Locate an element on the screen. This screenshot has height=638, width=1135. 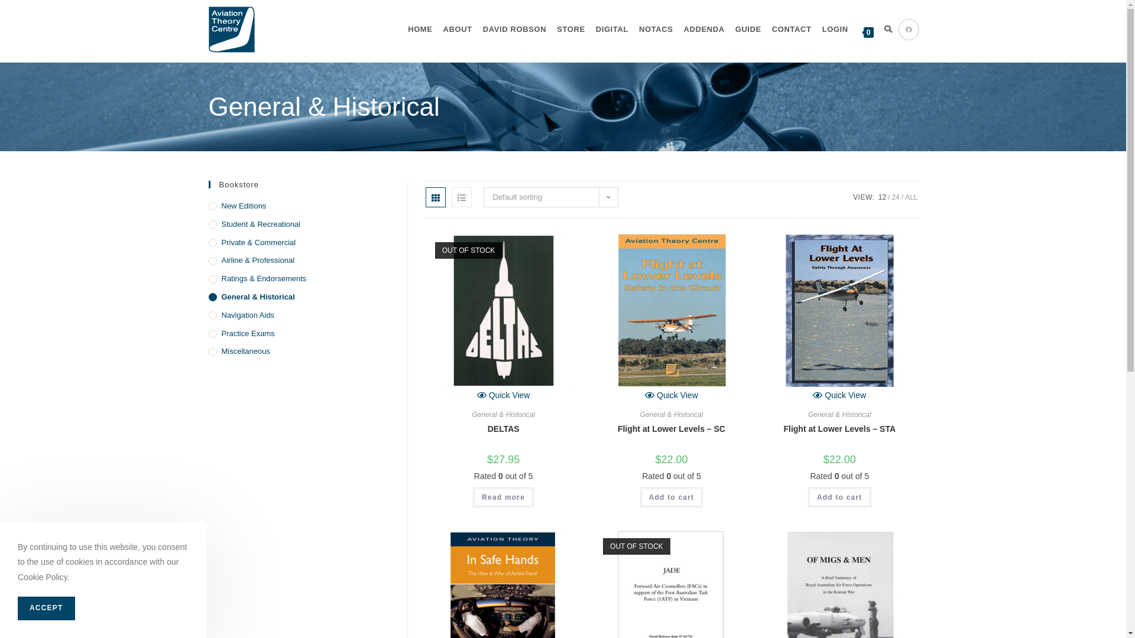
'HOME' is located at coordinates (420, 29).